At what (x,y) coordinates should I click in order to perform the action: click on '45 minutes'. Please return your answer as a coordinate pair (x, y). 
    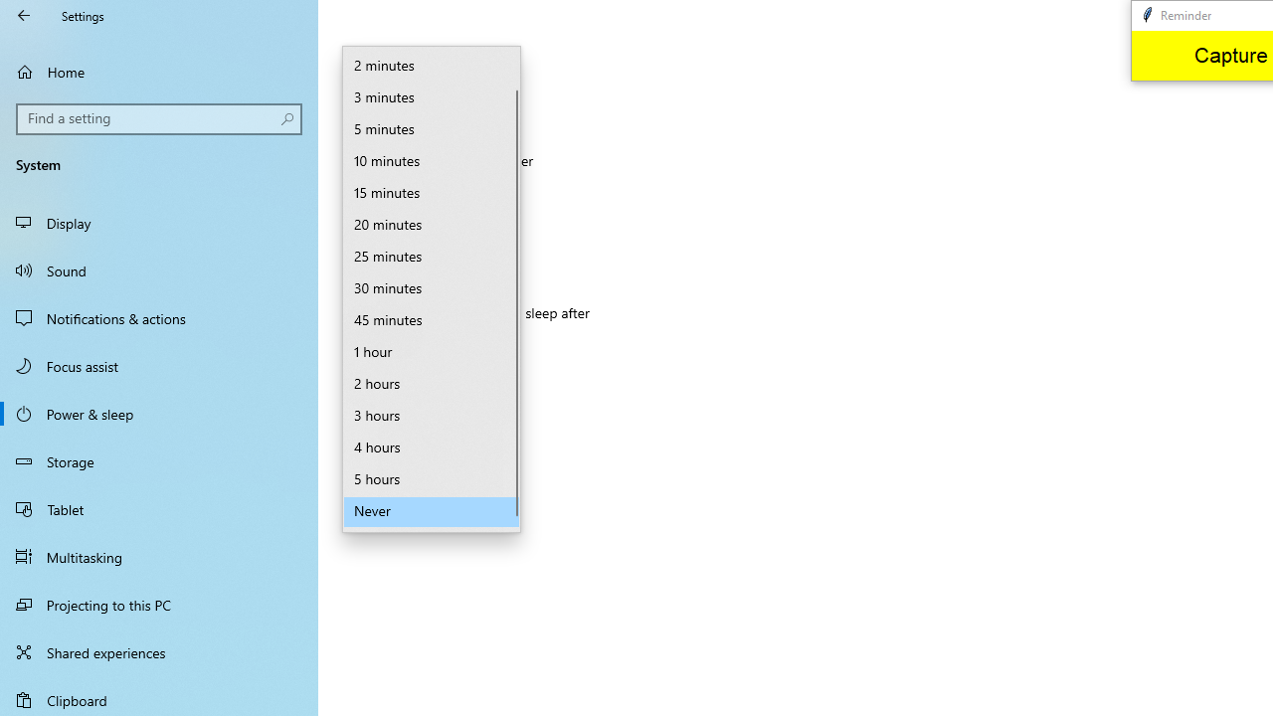
    Looking at the image, I should click on (431, 319).